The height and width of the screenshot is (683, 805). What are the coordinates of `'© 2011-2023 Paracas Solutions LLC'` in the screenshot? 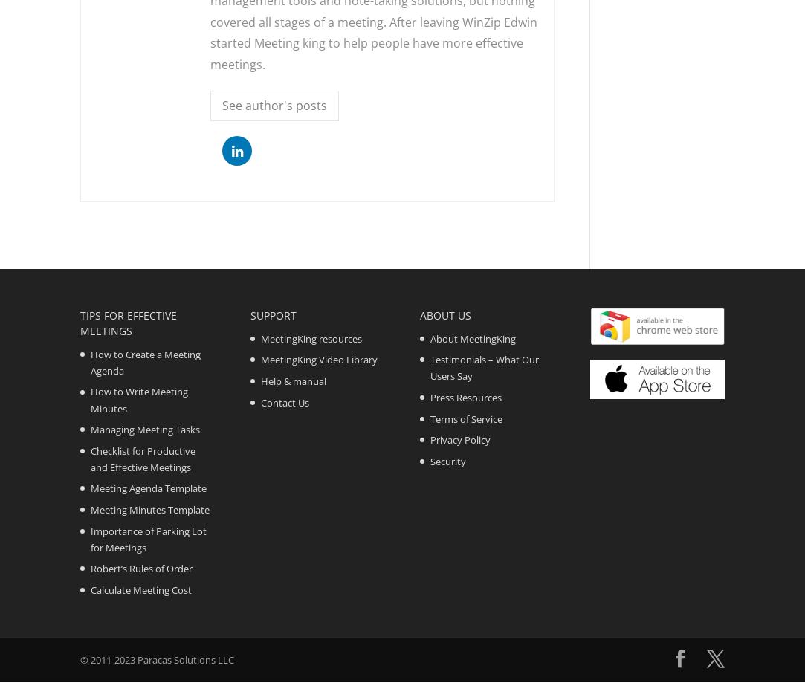 It's located at (156, 659).